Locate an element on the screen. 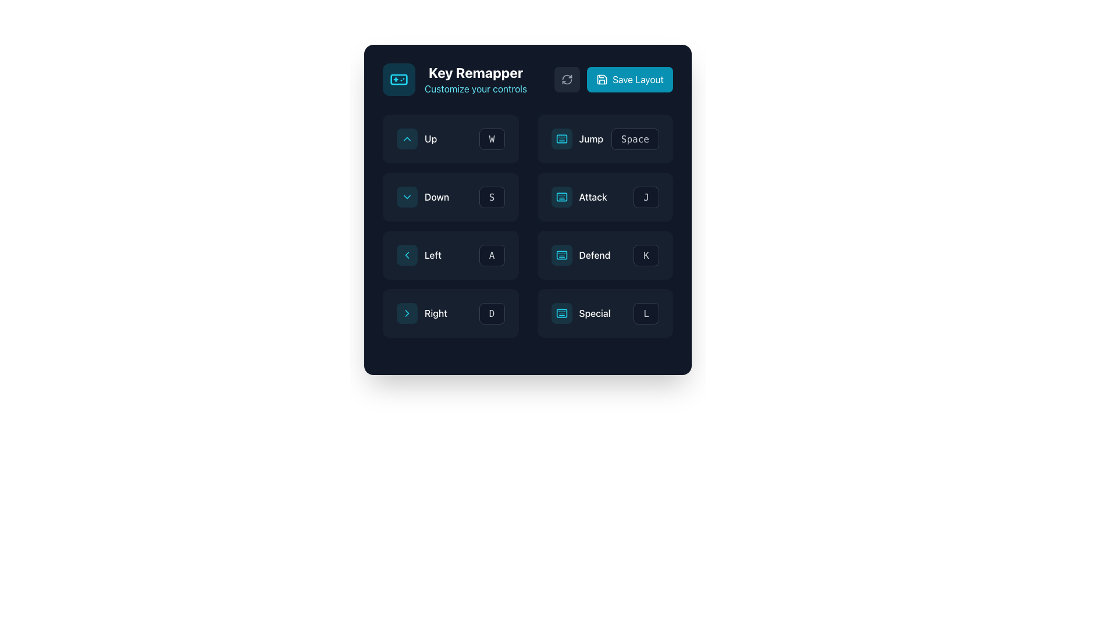 The width and height of the screenshot is (1117, 628). the 'Attack' text-label with keyboard icon and key indicator is located at coordinates (605, 197).